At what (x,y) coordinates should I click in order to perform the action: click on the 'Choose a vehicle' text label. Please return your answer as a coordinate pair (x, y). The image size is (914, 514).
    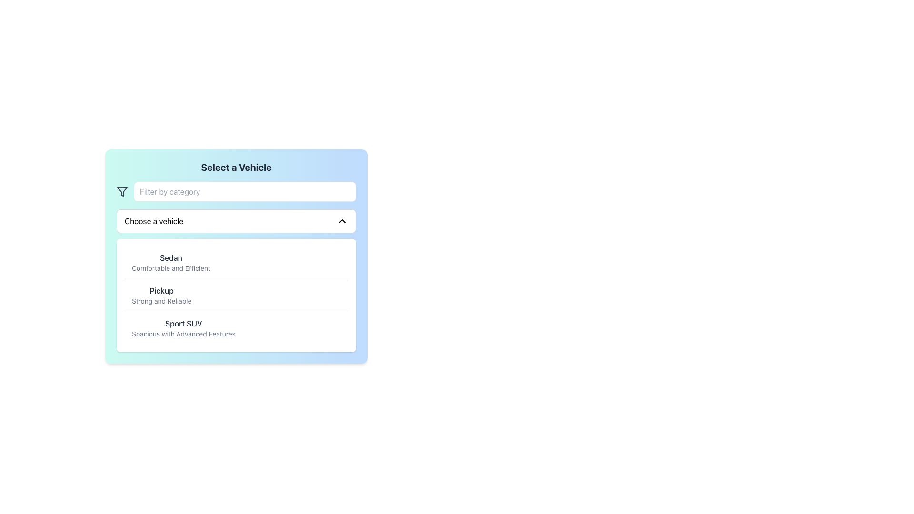
    Looking at the image, I should click on (154, 221).